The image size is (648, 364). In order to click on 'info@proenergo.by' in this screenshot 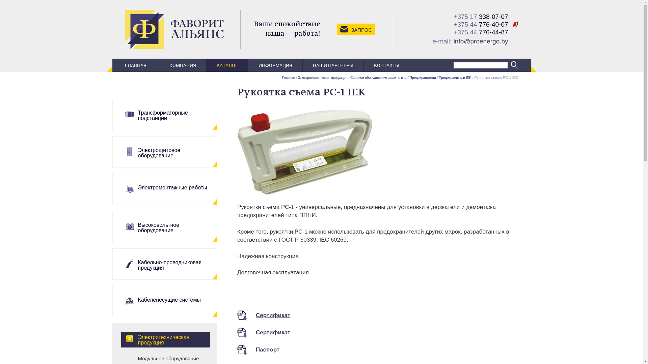, I will do `click(481, 41)`.